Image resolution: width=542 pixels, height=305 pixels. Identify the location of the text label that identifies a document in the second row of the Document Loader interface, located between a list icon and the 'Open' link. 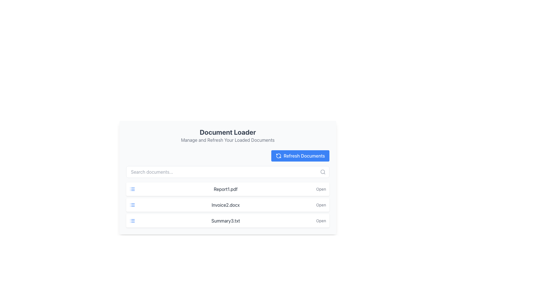
(225, 205).